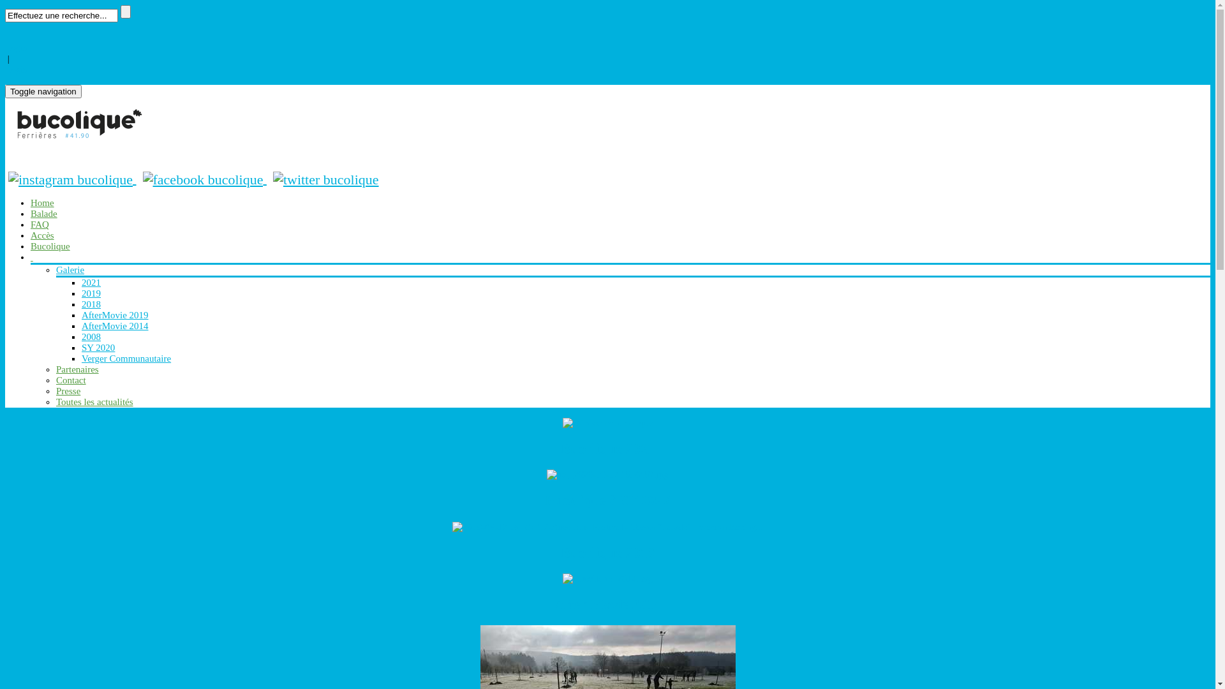 The image size is (1225, 689). Describe the element at coordinates (50, 246) in the screenshot. I see `'Bucolique'` at that location.